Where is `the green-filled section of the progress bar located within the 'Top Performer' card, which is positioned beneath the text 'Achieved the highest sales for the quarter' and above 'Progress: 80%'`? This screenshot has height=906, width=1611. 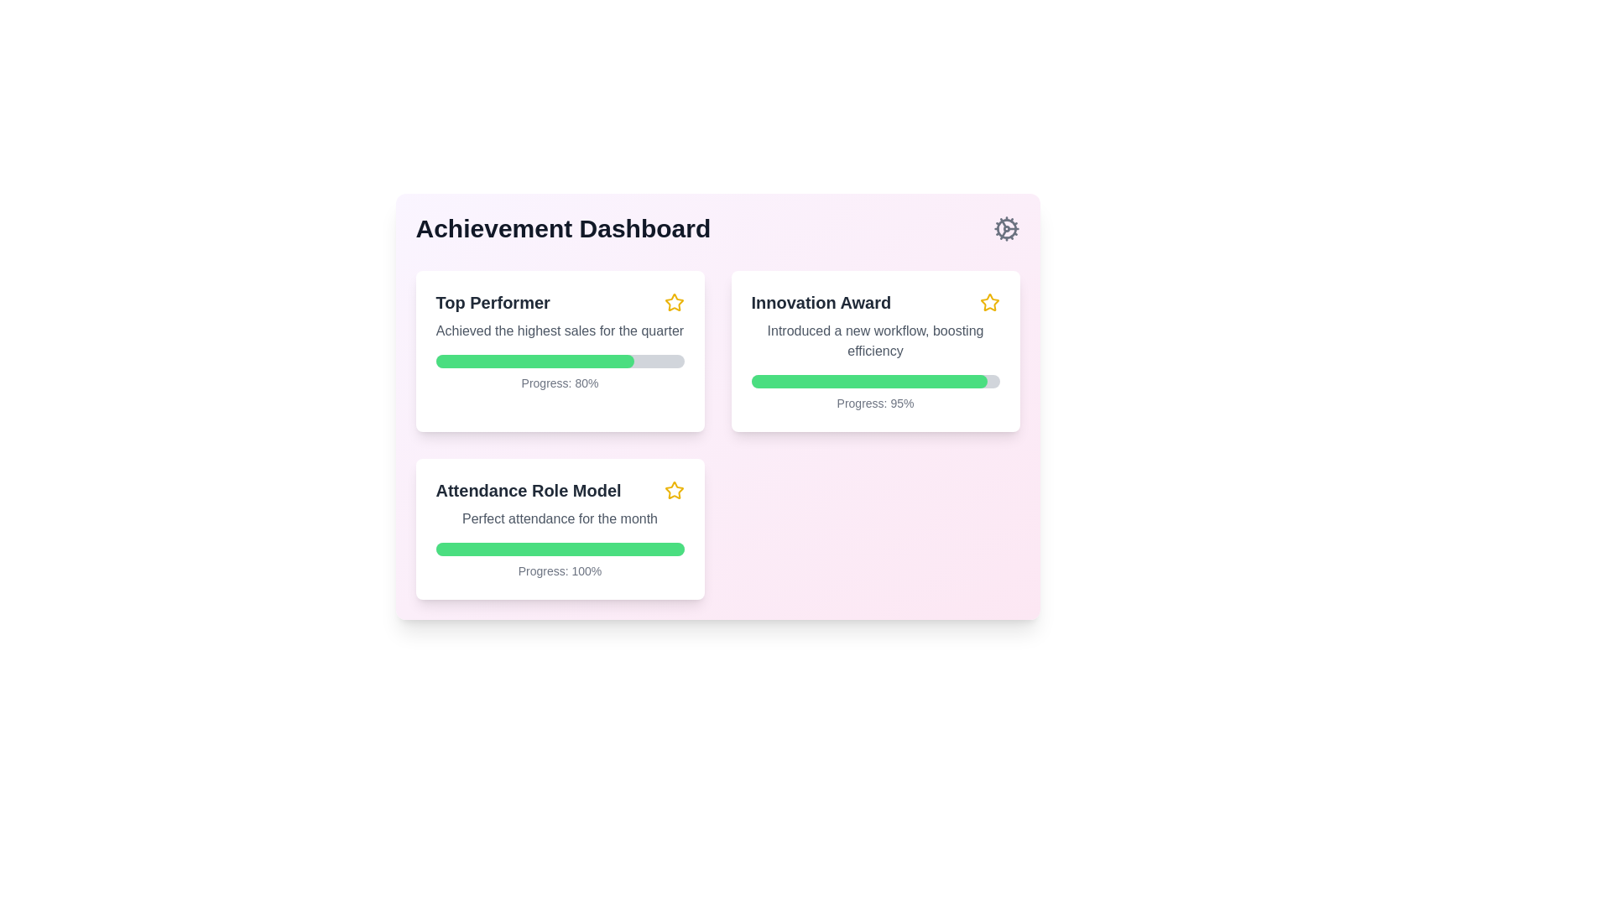 the green-filled section of the progress bar located within the 'Top Performer' card, which is positioned beneath the text 'Achieved the highest sales for the quarter' and above 'Progress: 80%' is located at coordinates (534, 361).